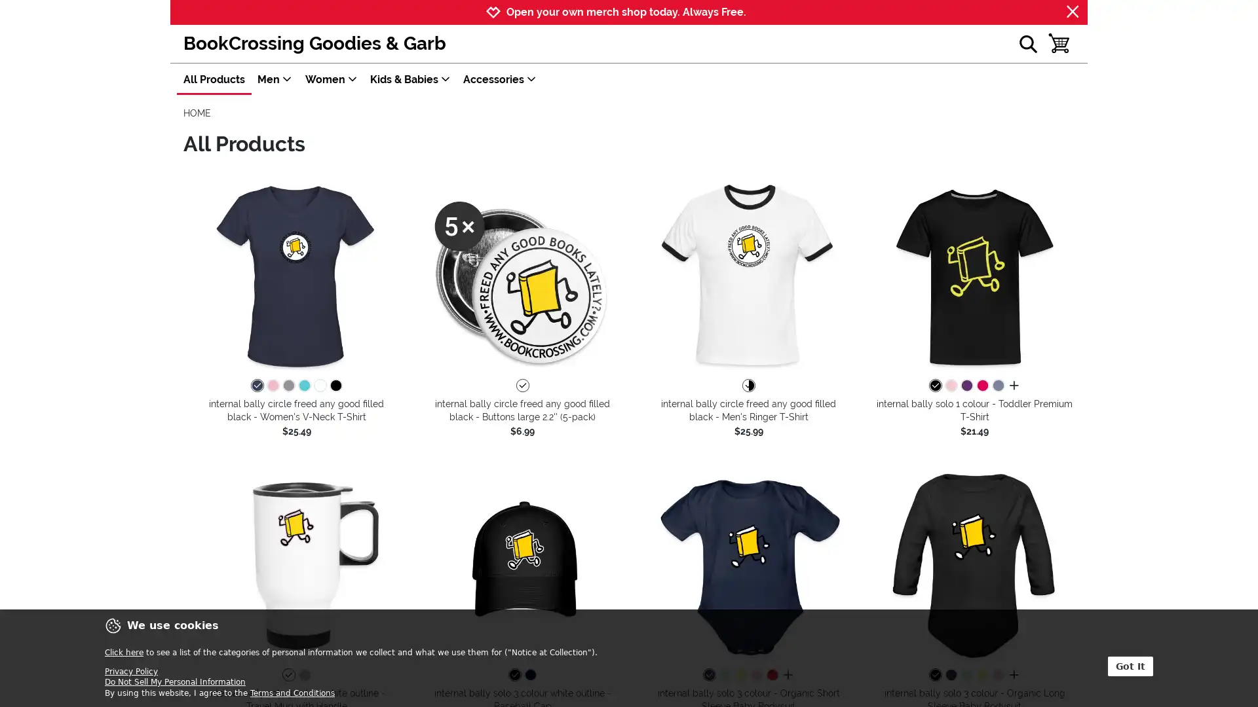 The height and width of the screenshot is (707, 1258). I want to click on pink, so click(272, 386).